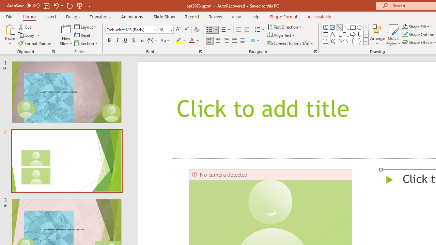 The width and height of the screenshot is (436, 245). I want to click on 'Font...', so click(200, 51).